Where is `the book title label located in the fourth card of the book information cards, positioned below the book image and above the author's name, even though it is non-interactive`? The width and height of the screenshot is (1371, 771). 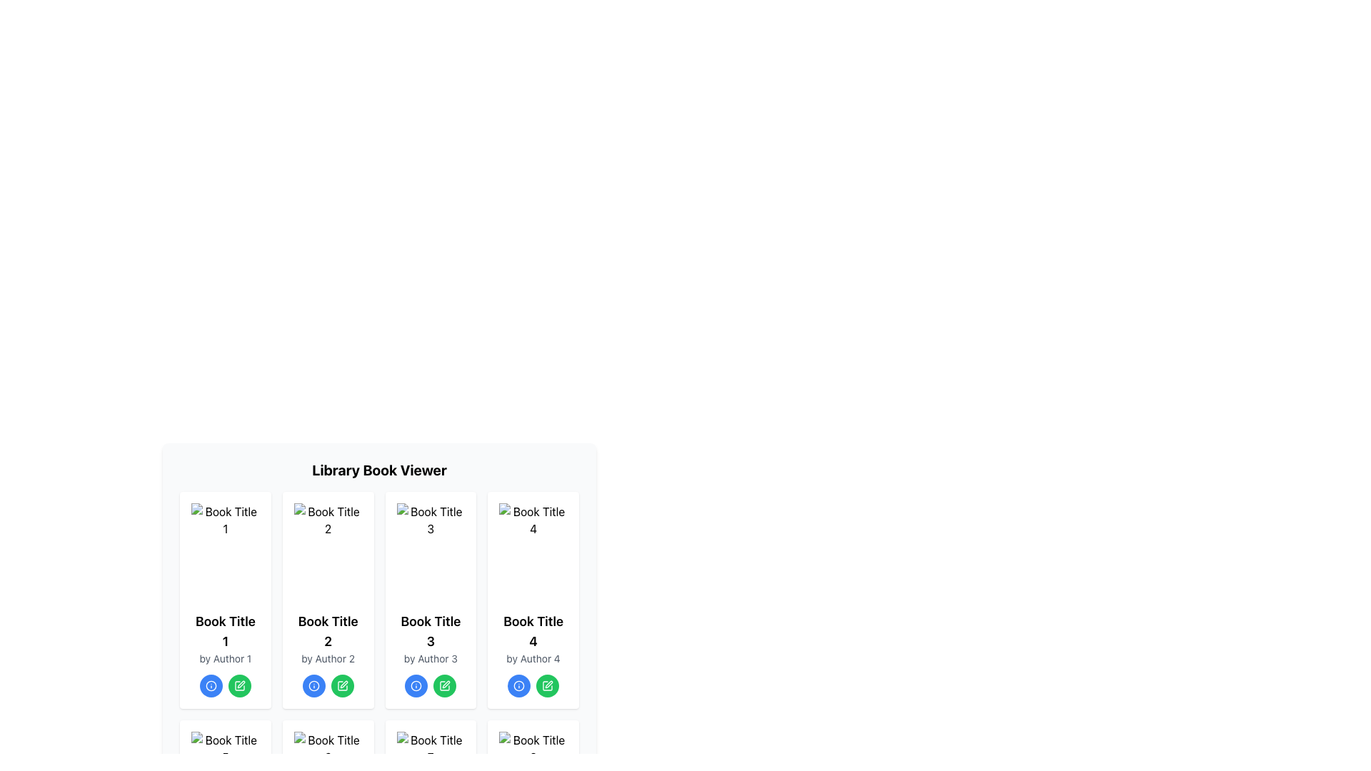
the book title label located in the fourth card of the book information cards, positioned below the book image and above the author's name, even though it is non-interactive is located at coordinates (533, 630).